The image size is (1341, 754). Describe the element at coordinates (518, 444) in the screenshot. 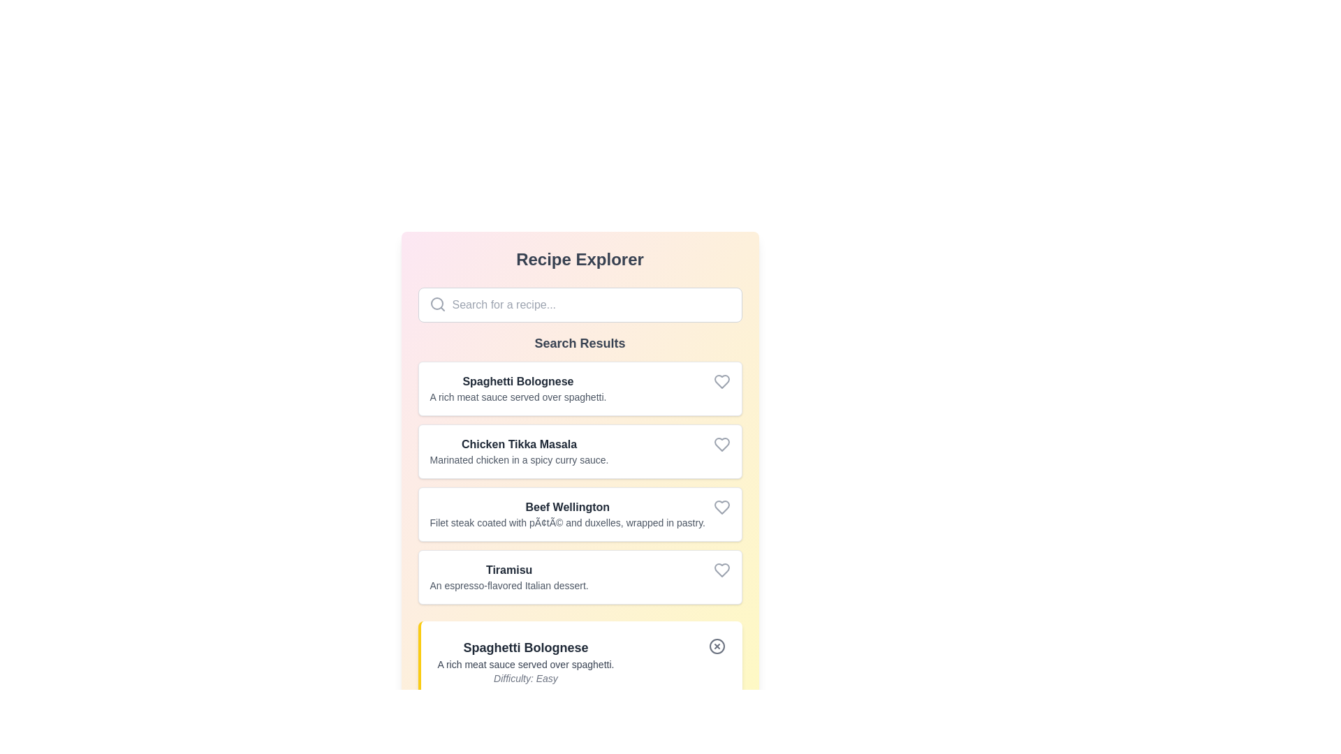

I see `the text label displaying 'Chicken Tikka Masala' which is in bold grayish font, located in the second entry of the search results list` at that location.